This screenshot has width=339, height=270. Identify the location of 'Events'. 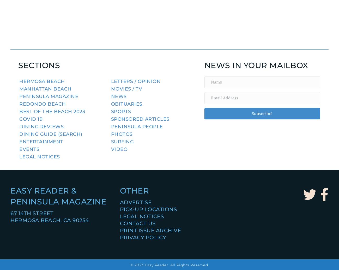
(29, 149).